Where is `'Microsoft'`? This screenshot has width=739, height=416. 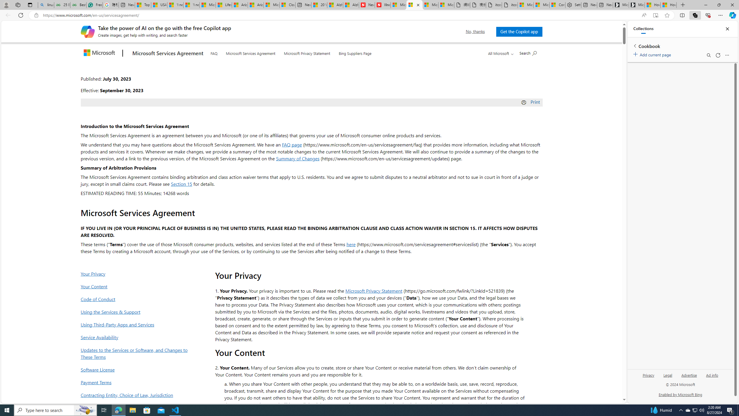
'Microsoft' is located at coordinates (100, 53).